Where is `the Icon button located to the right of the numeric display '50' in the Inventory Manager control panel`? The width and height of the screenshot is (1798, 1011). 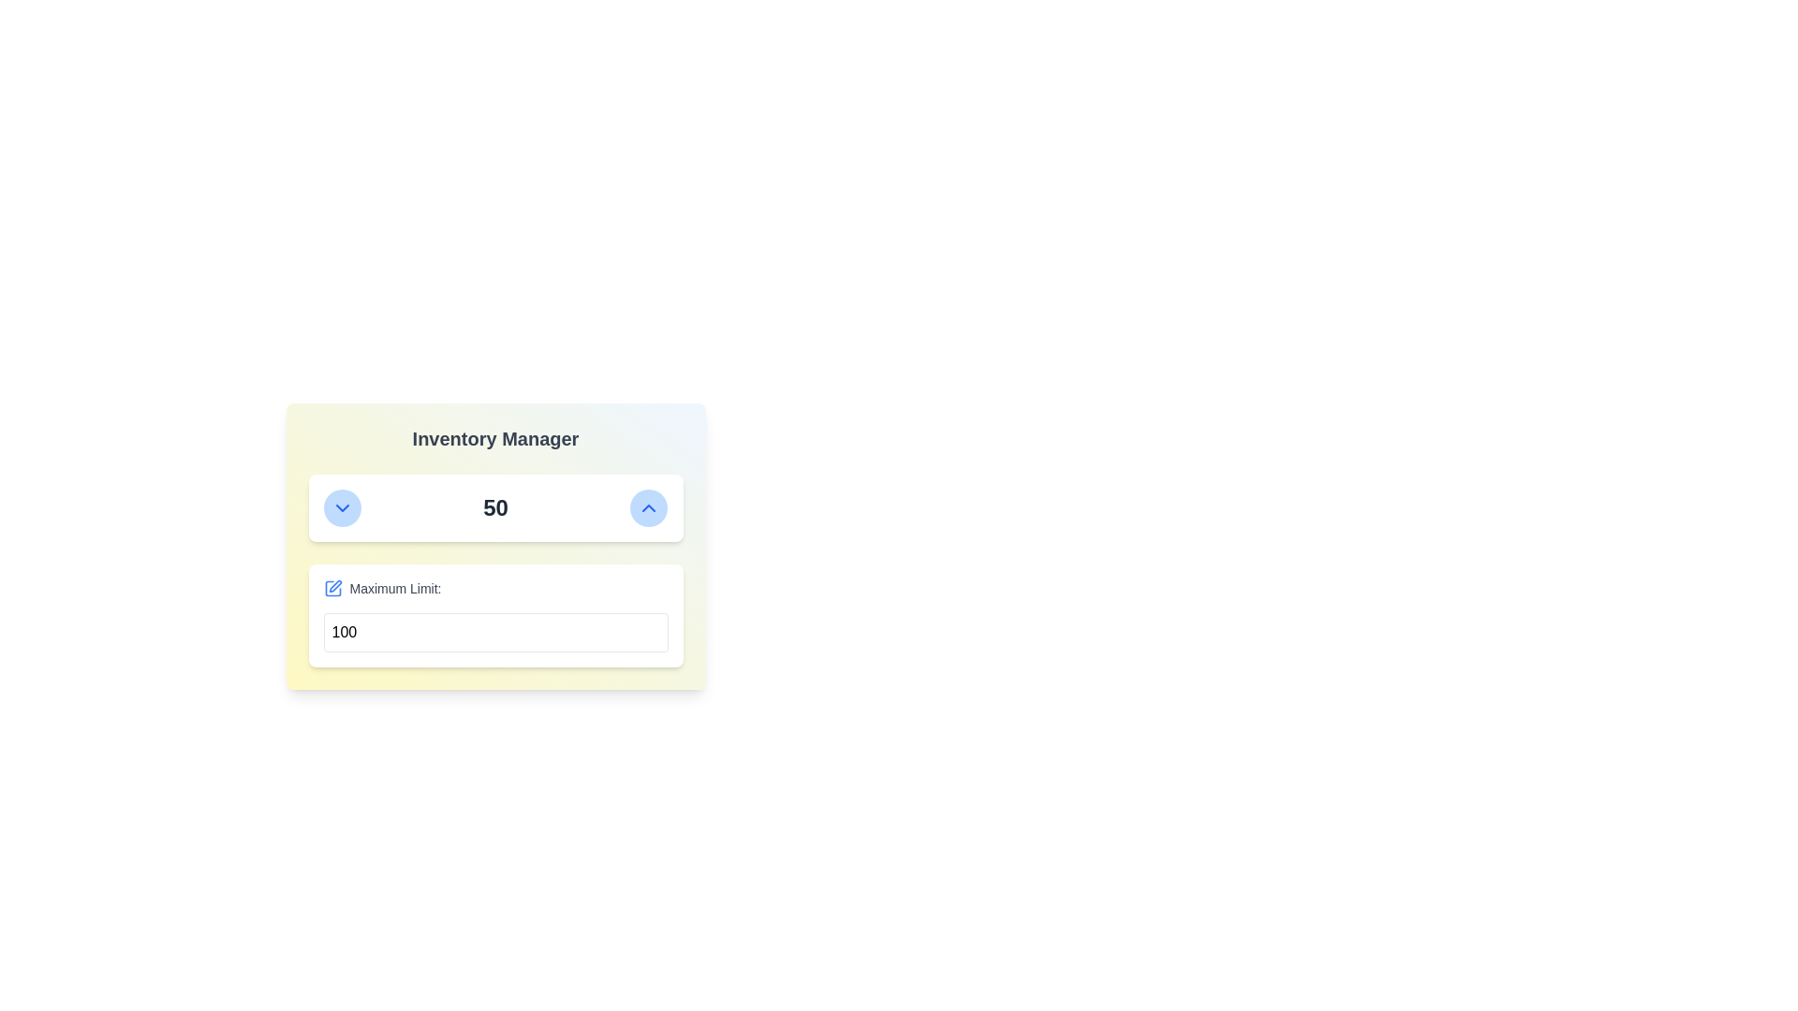
the Icon button located to the right of the numeric display '50' in the Inventory Manager control panel is located at coordinates (649, 508).